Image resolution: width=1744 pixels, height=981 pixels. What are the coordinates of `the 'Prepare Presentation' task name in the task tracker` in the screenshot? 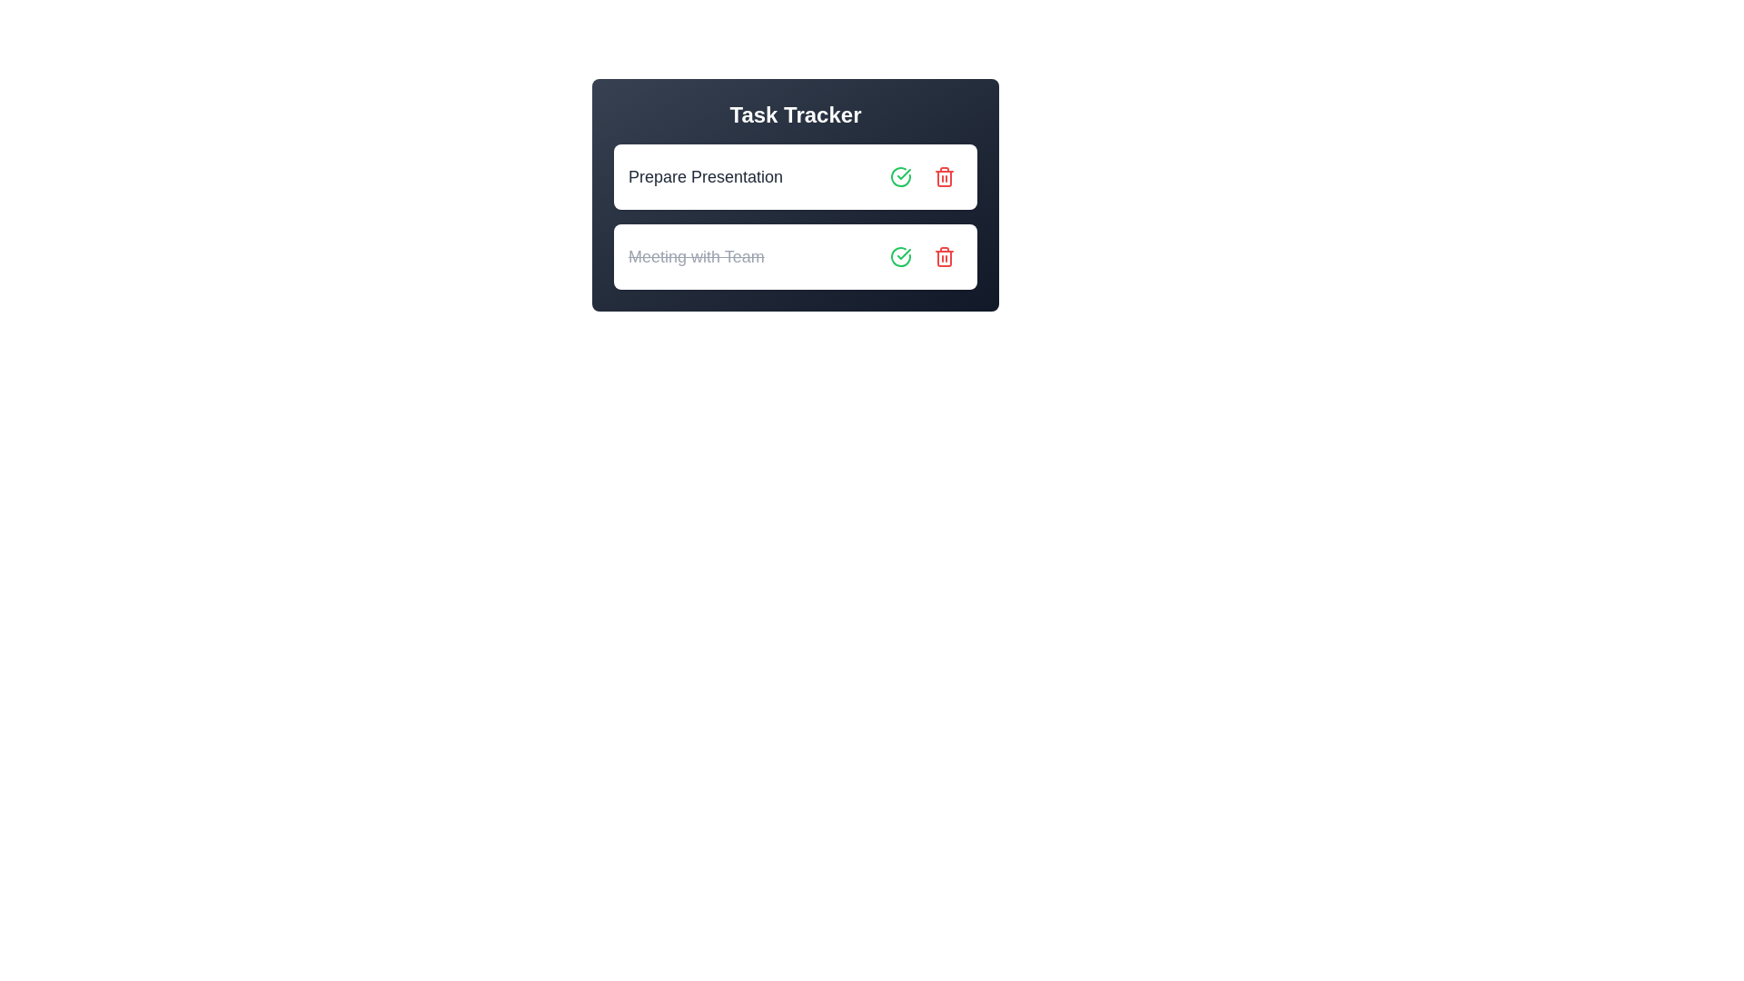 It's located at (795, 177).